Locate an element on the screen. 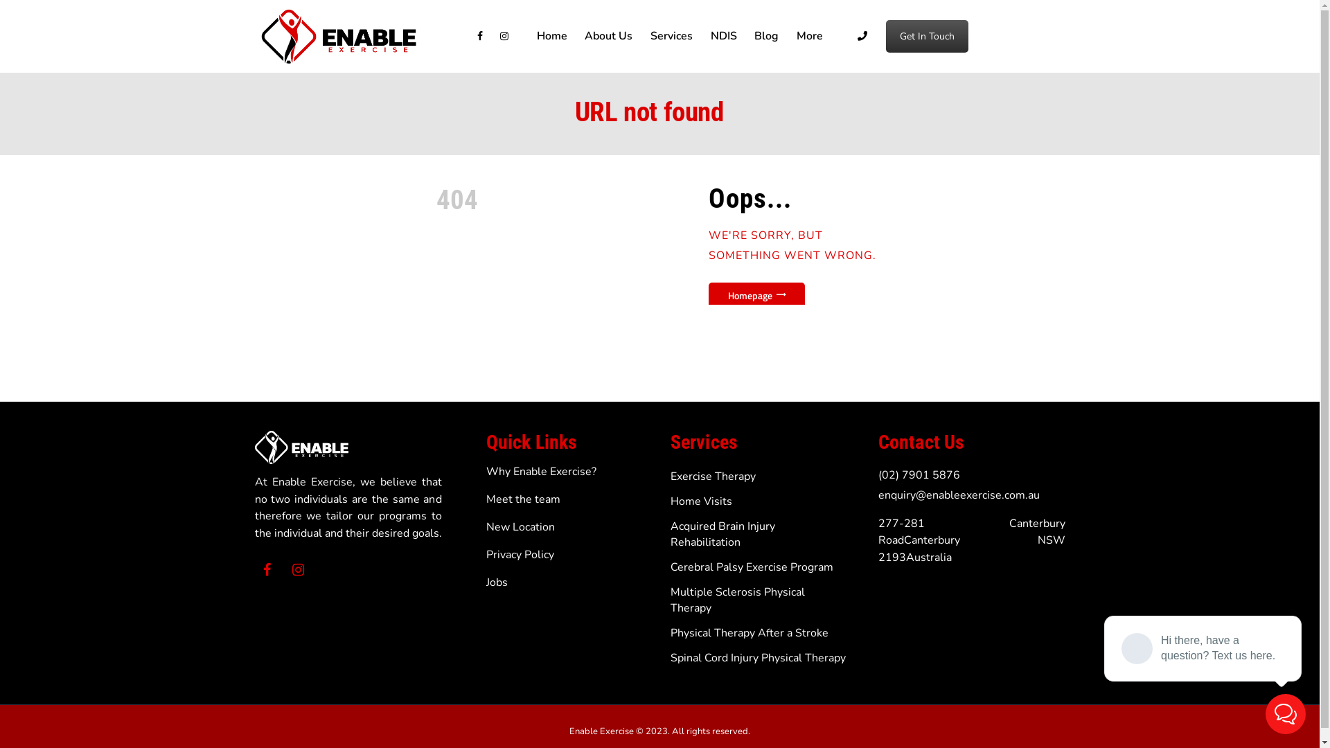 The width and height of the screenshot is (1330, 748). 'Homepage' is located at coordinates (756, 294).